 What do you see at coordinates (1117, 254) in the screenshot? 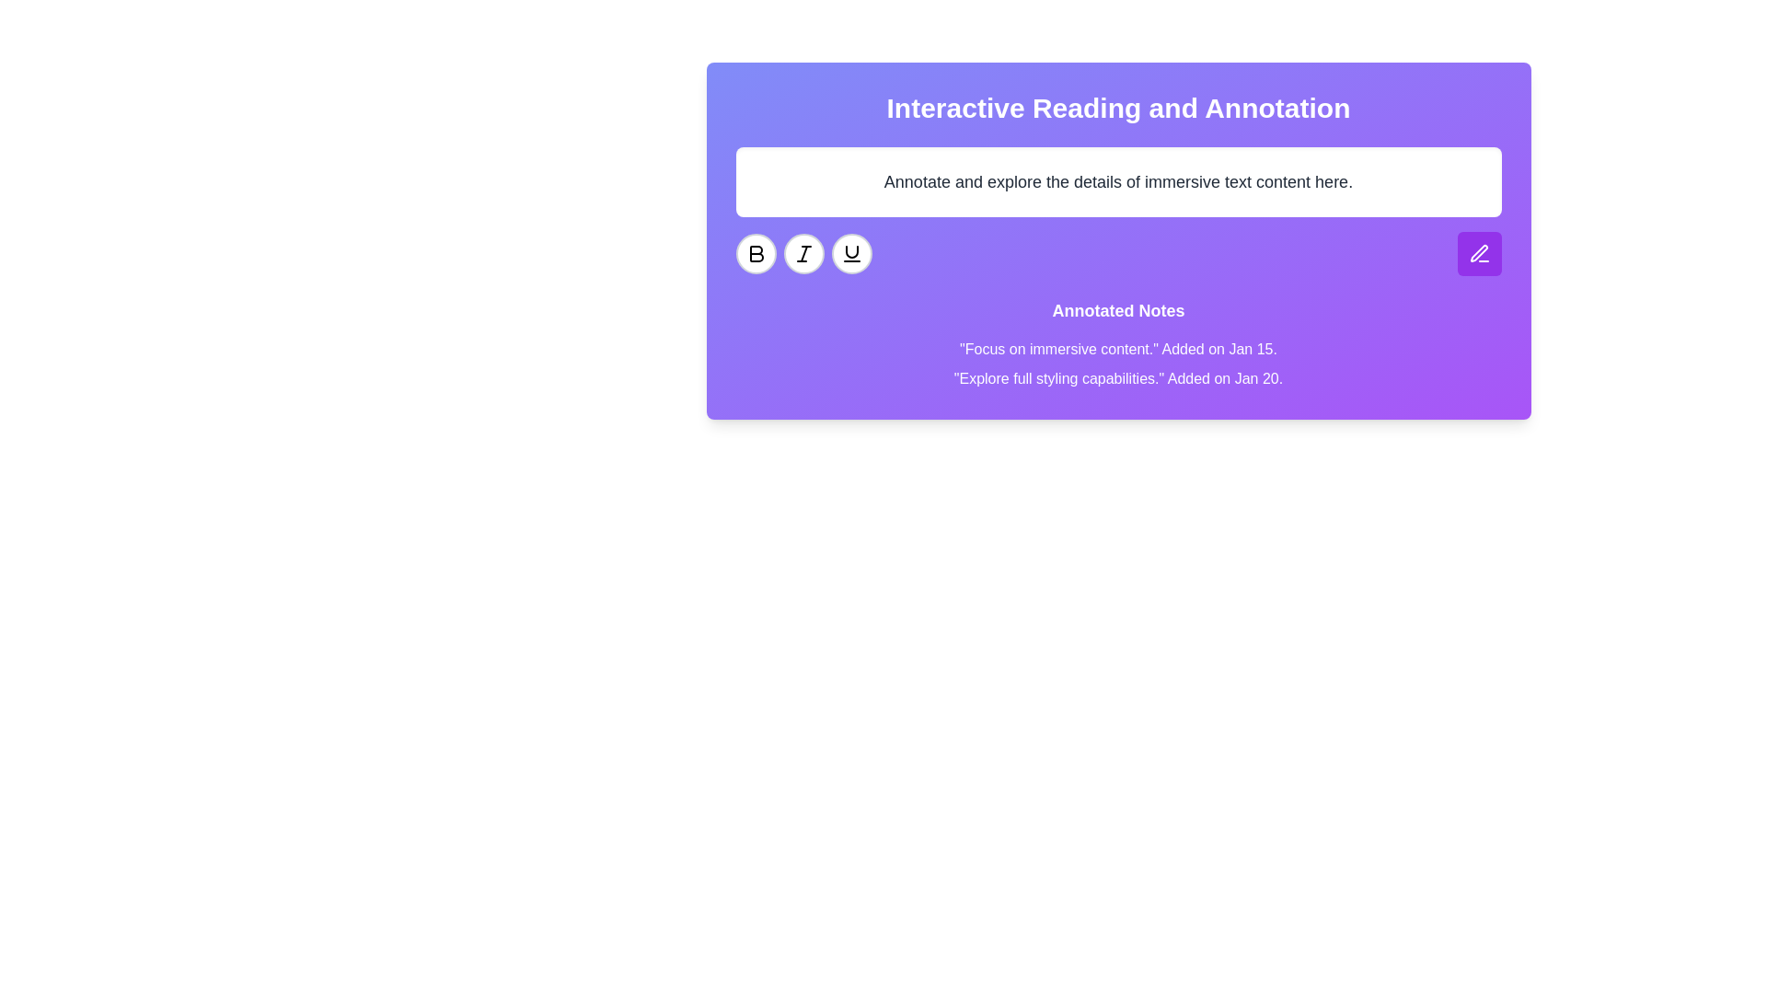
I see `the horizontal toolbar located below the text input area and above the 'Annotated Notes' section` at bounding box center [1117, 254].